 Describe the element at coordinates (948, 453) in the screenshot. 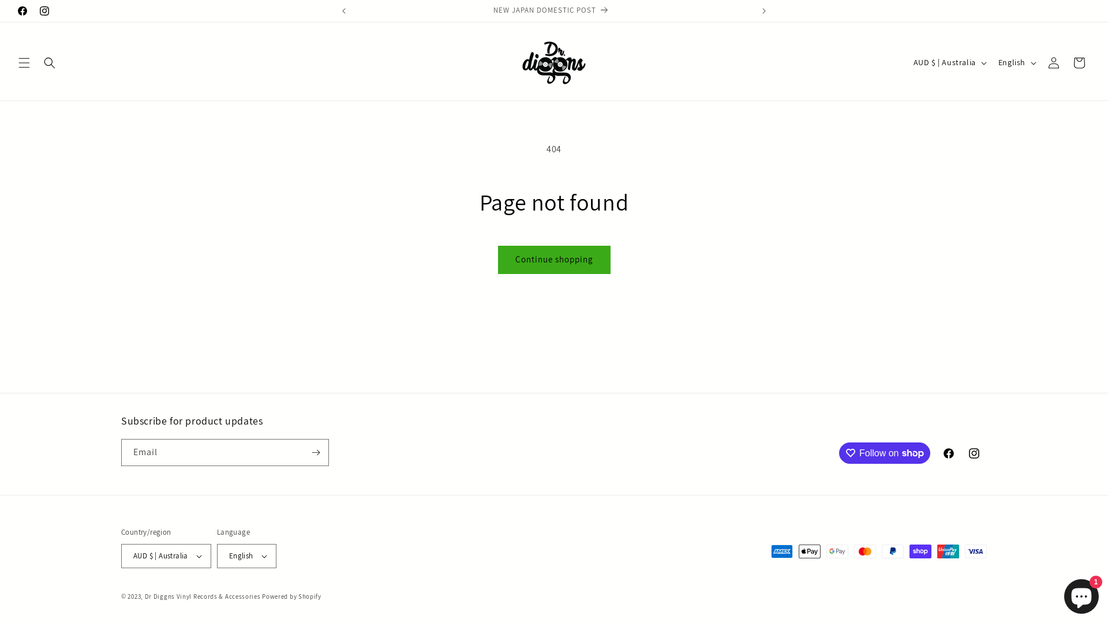

I see `'Facebook'` at that location.